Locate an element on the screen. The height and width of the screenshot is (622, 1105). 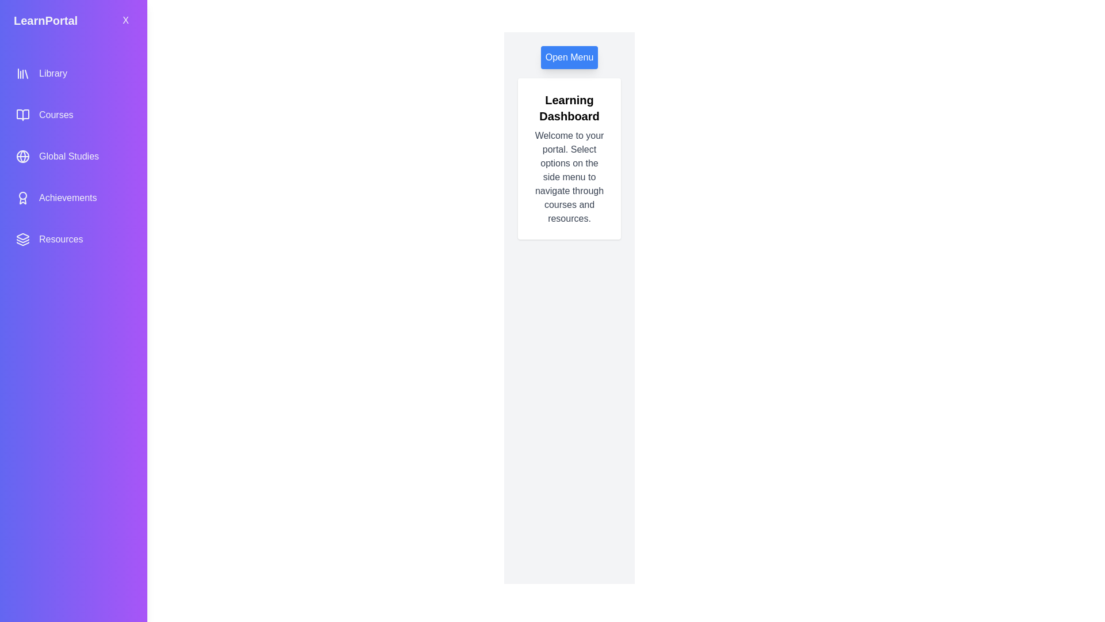
the menu option Library from the side menu is located at coordinates (73, 73).